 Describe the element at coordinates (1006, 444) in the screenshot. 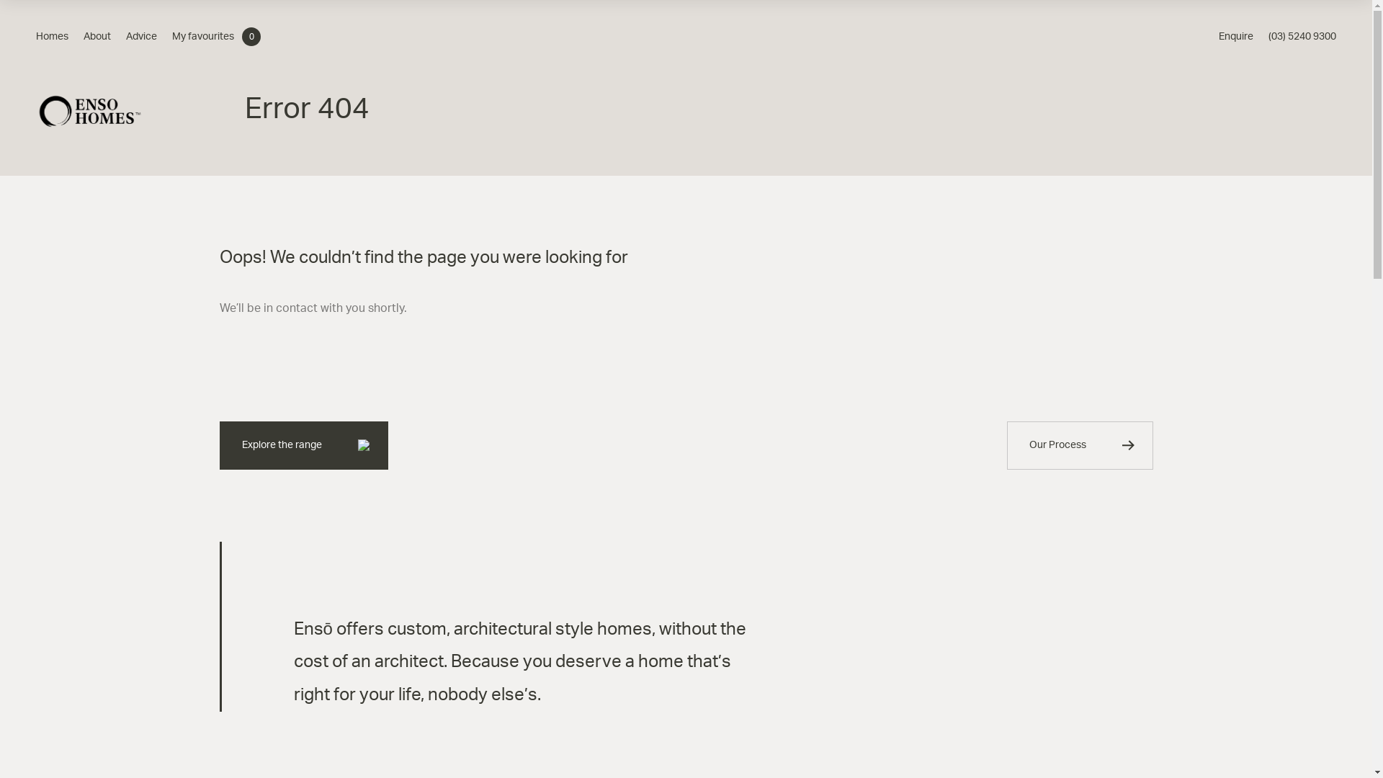

I see `'Our Process'` at that location.